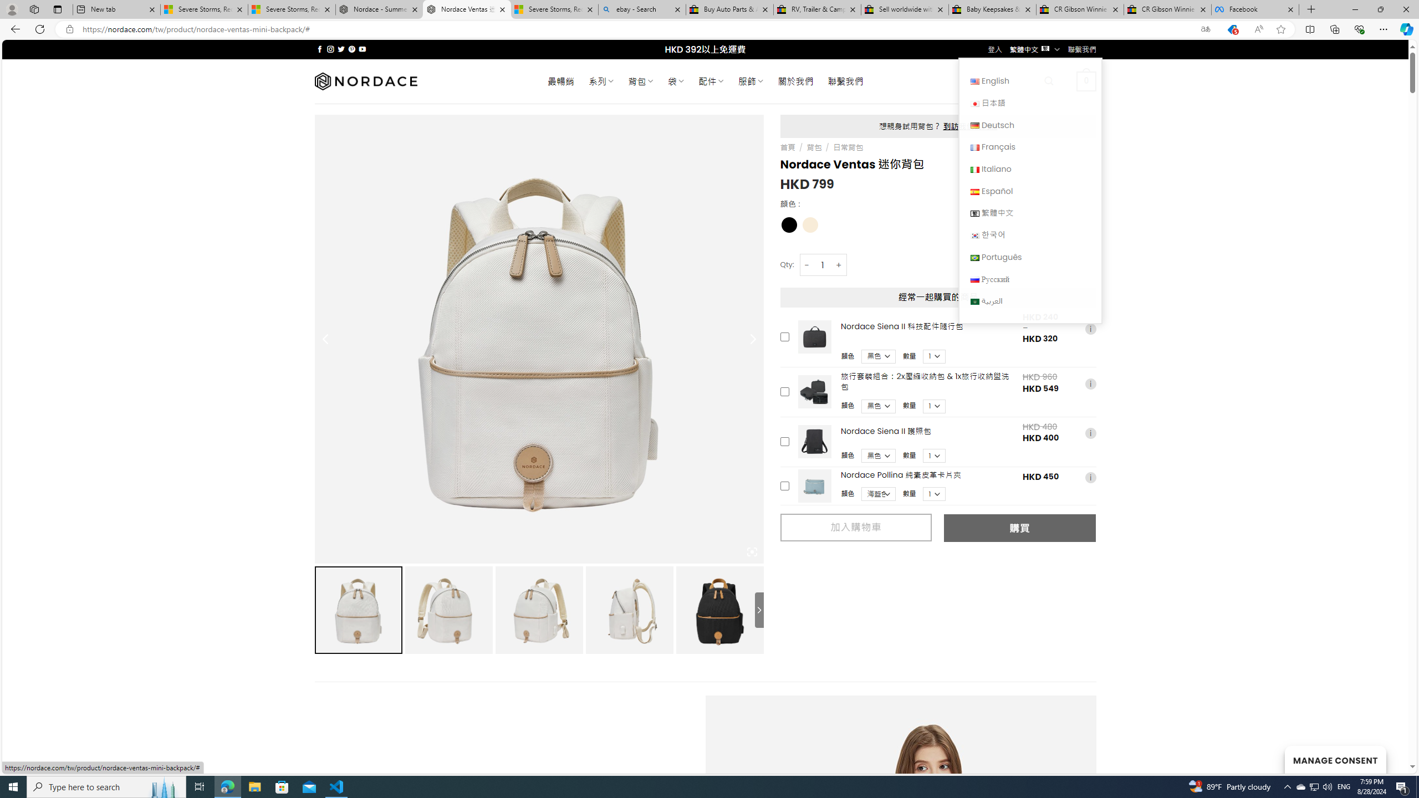 The image size is (1419, 798). What do you see at coordinates (905, 9) in the screenshot?
I see `'Sell worldwide with eBay'` at bounding box center [905, 9].